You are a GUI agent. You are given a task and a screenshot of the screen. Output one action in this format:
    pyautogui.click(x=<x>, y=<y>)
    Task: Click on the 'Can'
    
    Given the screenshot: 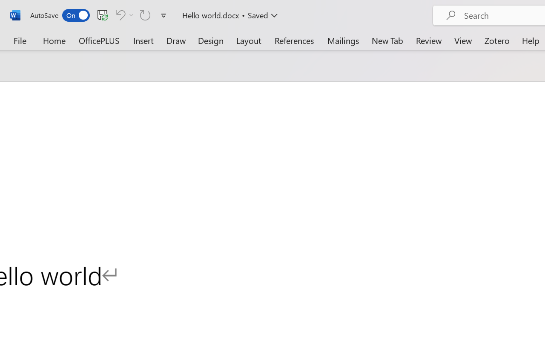 What is the action you would take?
    pyautogui.click(x=119, y=14)
    